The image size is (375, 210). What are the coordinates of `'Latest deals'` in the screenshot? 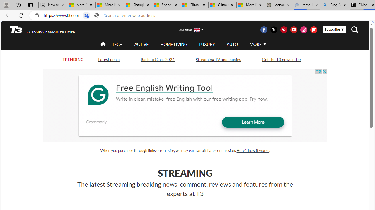 It's located at (109, 60).